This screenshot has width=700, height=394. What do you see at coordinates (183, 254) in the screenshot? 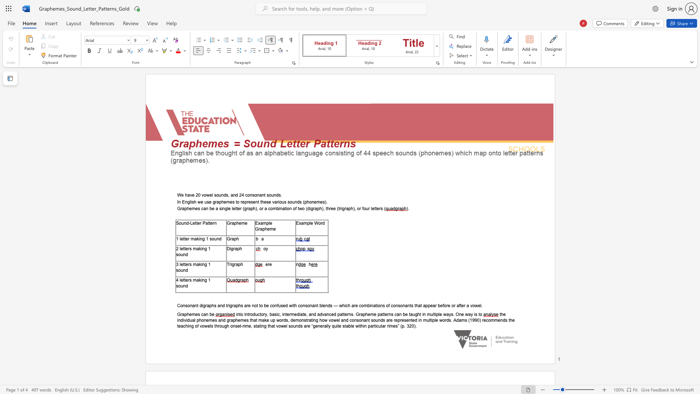
I see `the subset text "nd" within the text "2 letters making 1 sound"` at bounding box center [183, 254].